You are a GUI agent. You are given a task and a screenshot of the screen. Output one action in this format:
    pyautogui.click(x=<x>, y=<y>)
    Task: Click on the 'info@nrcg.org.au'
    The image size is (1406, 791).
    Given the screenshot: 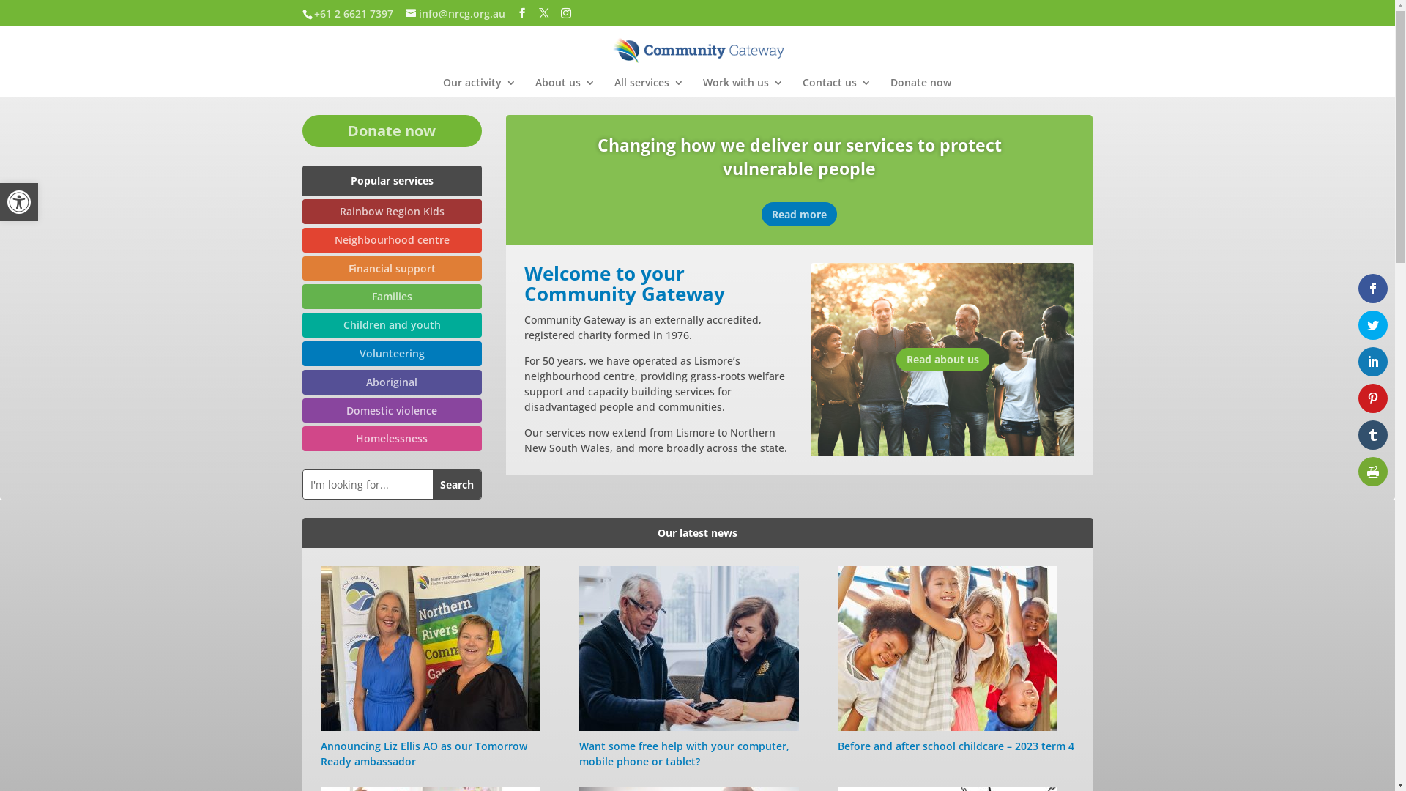 What is the action you would take?
    pyautogui.click(x=455, y=12)
    